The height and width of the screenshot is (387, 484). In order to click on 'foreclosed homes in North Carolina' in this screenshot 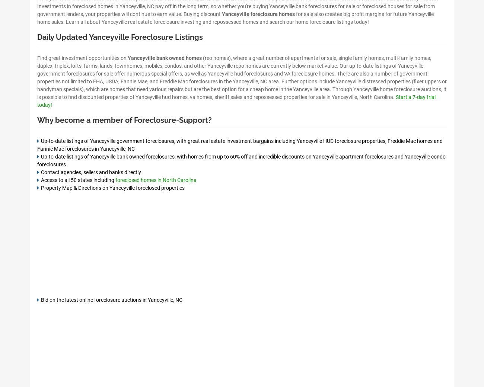, I will do `click(156, 179)`.